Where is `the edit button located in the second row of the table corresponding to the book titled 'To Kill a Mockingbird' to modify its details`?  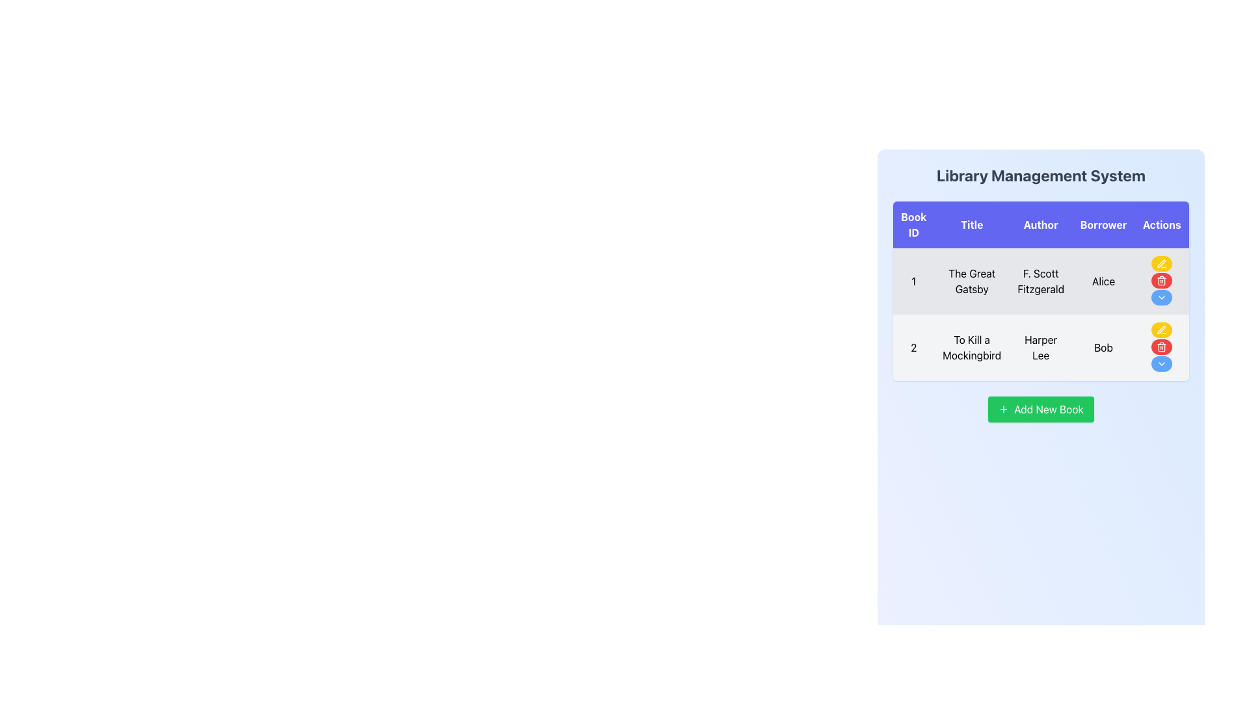
the edit button located in the second row of the table corresponding to the book titled 'To Kill a Mockingbird' to modify its details is located at coordinates (1162, 330).